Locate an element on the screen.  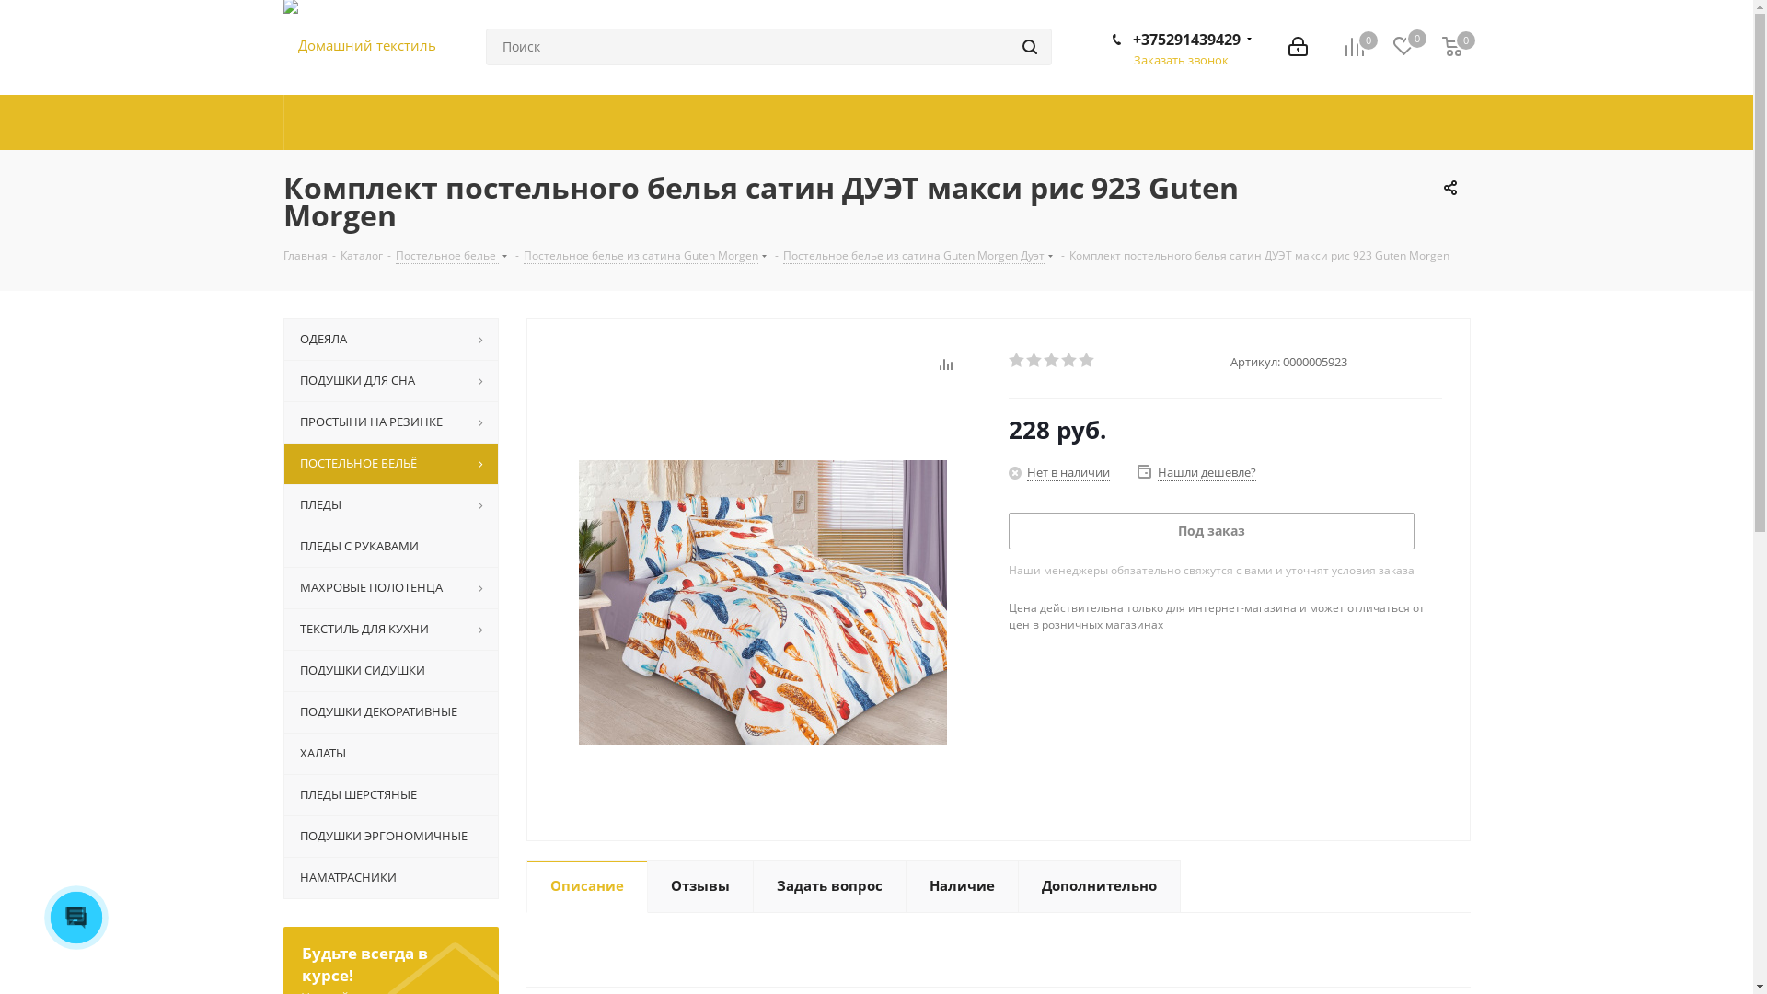
'2' is located at coordinates (1034, 361).